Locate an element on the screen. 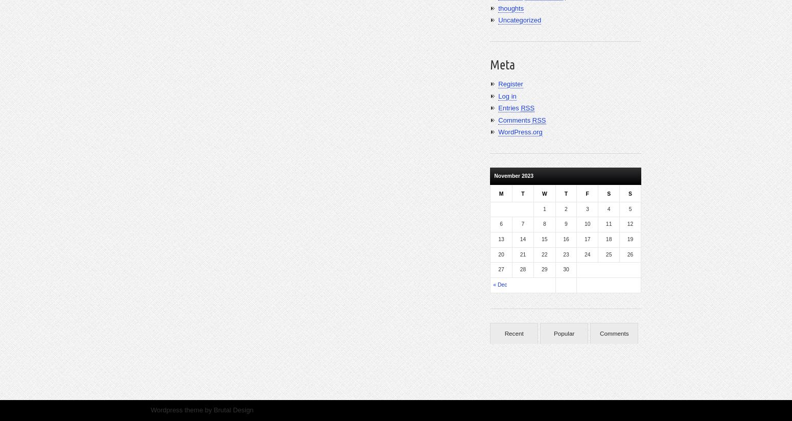  '22' is located at coordinates (544, 253).